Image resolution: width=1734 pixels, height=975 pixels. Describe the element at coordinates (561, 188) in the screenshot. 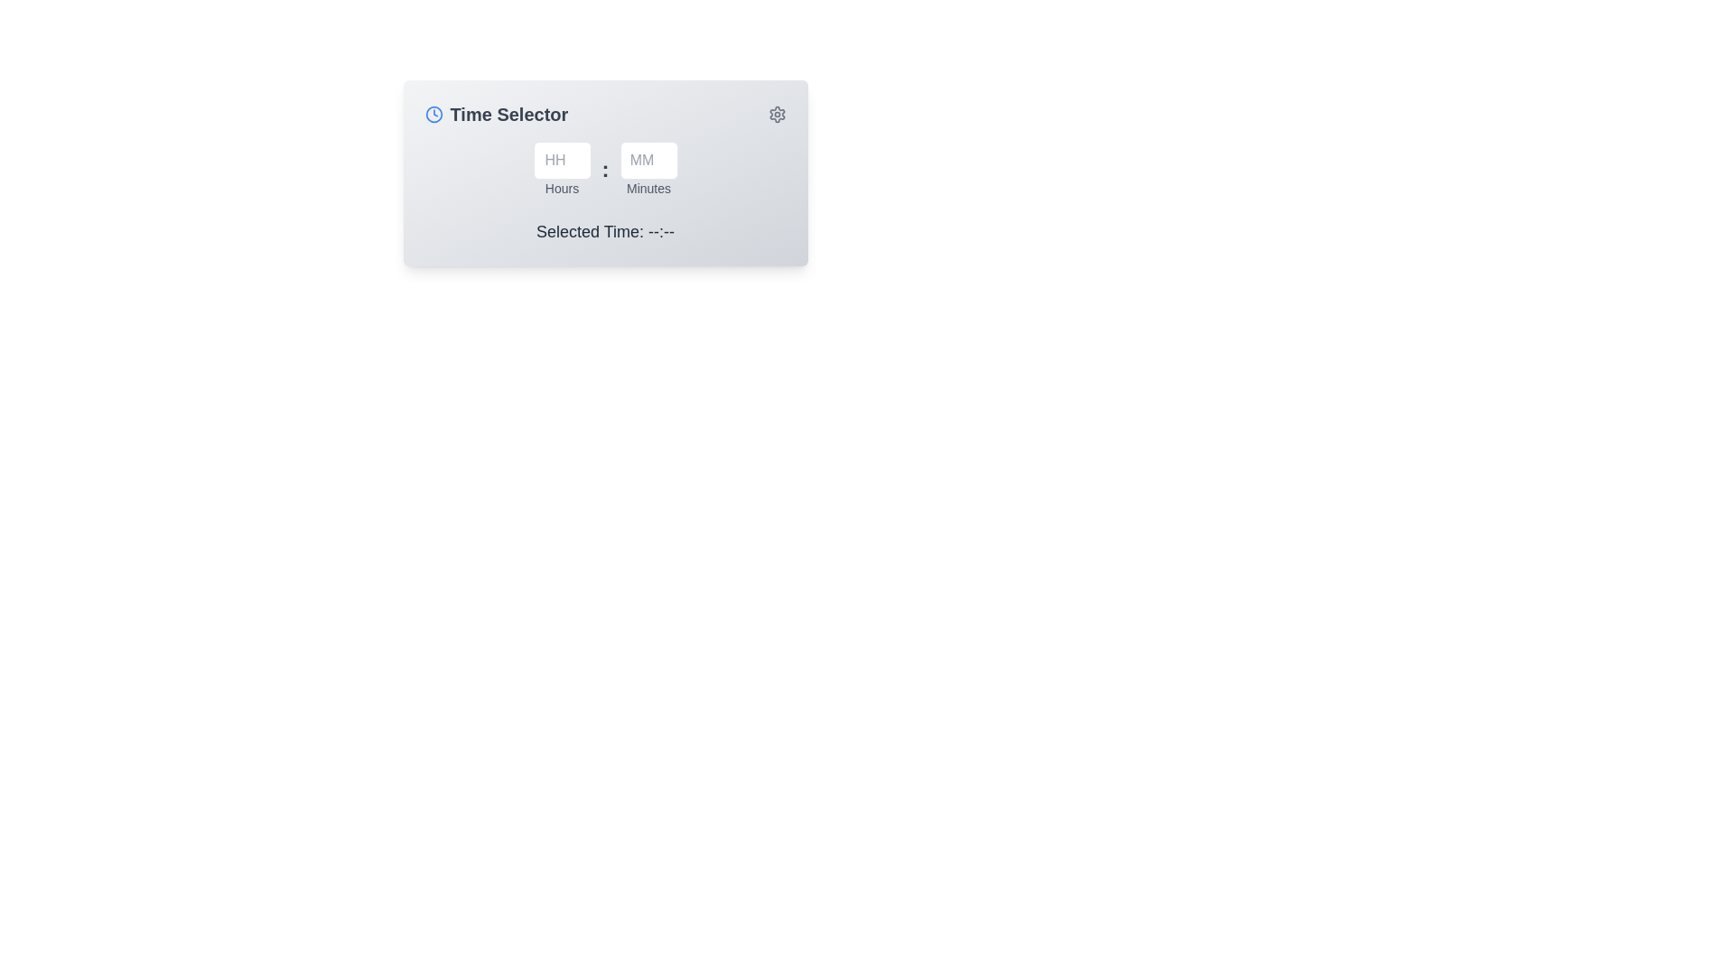

I see `the text label 'Hours' which is styled in a small gray font and located below the number input field marked with 'HH'` at that location.